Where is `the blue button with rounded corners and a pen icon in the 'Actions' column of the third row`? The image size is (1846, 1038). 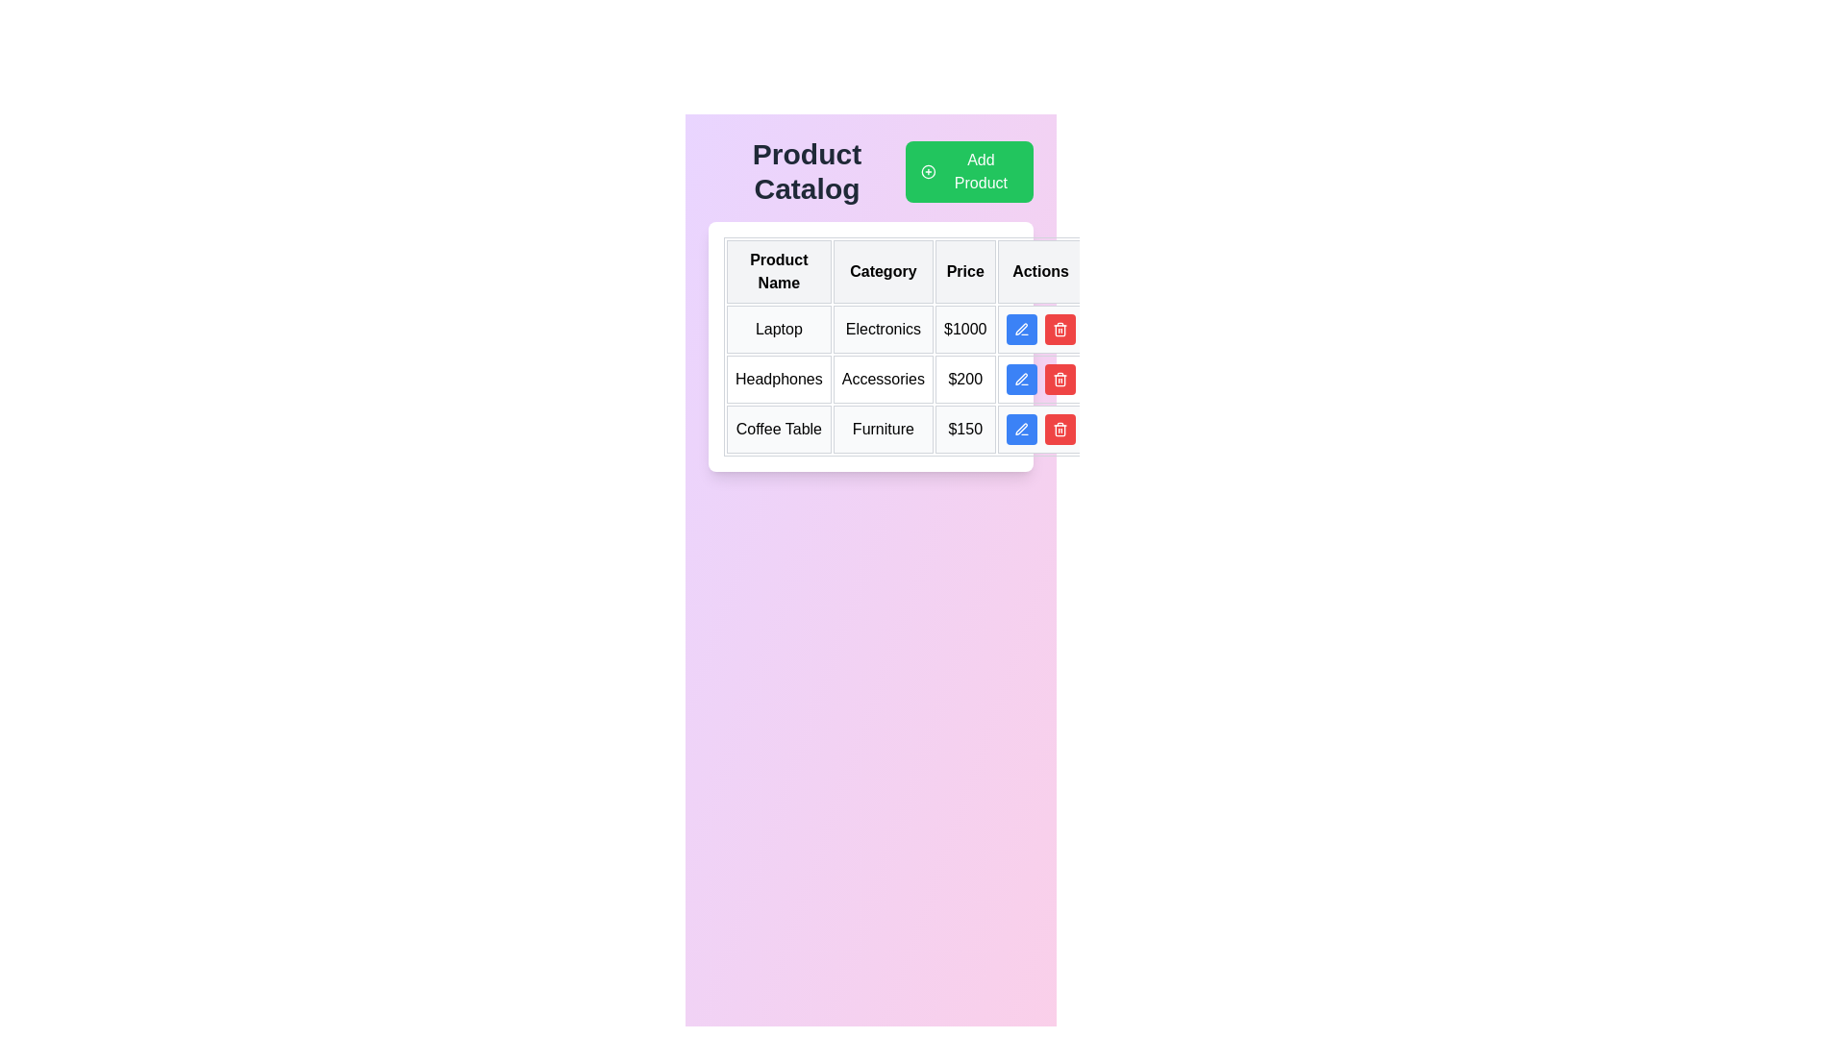 the blue button with rounded corners and a pen icon in the 'Actions' column of the third row is located at coordinates (1020, 429).